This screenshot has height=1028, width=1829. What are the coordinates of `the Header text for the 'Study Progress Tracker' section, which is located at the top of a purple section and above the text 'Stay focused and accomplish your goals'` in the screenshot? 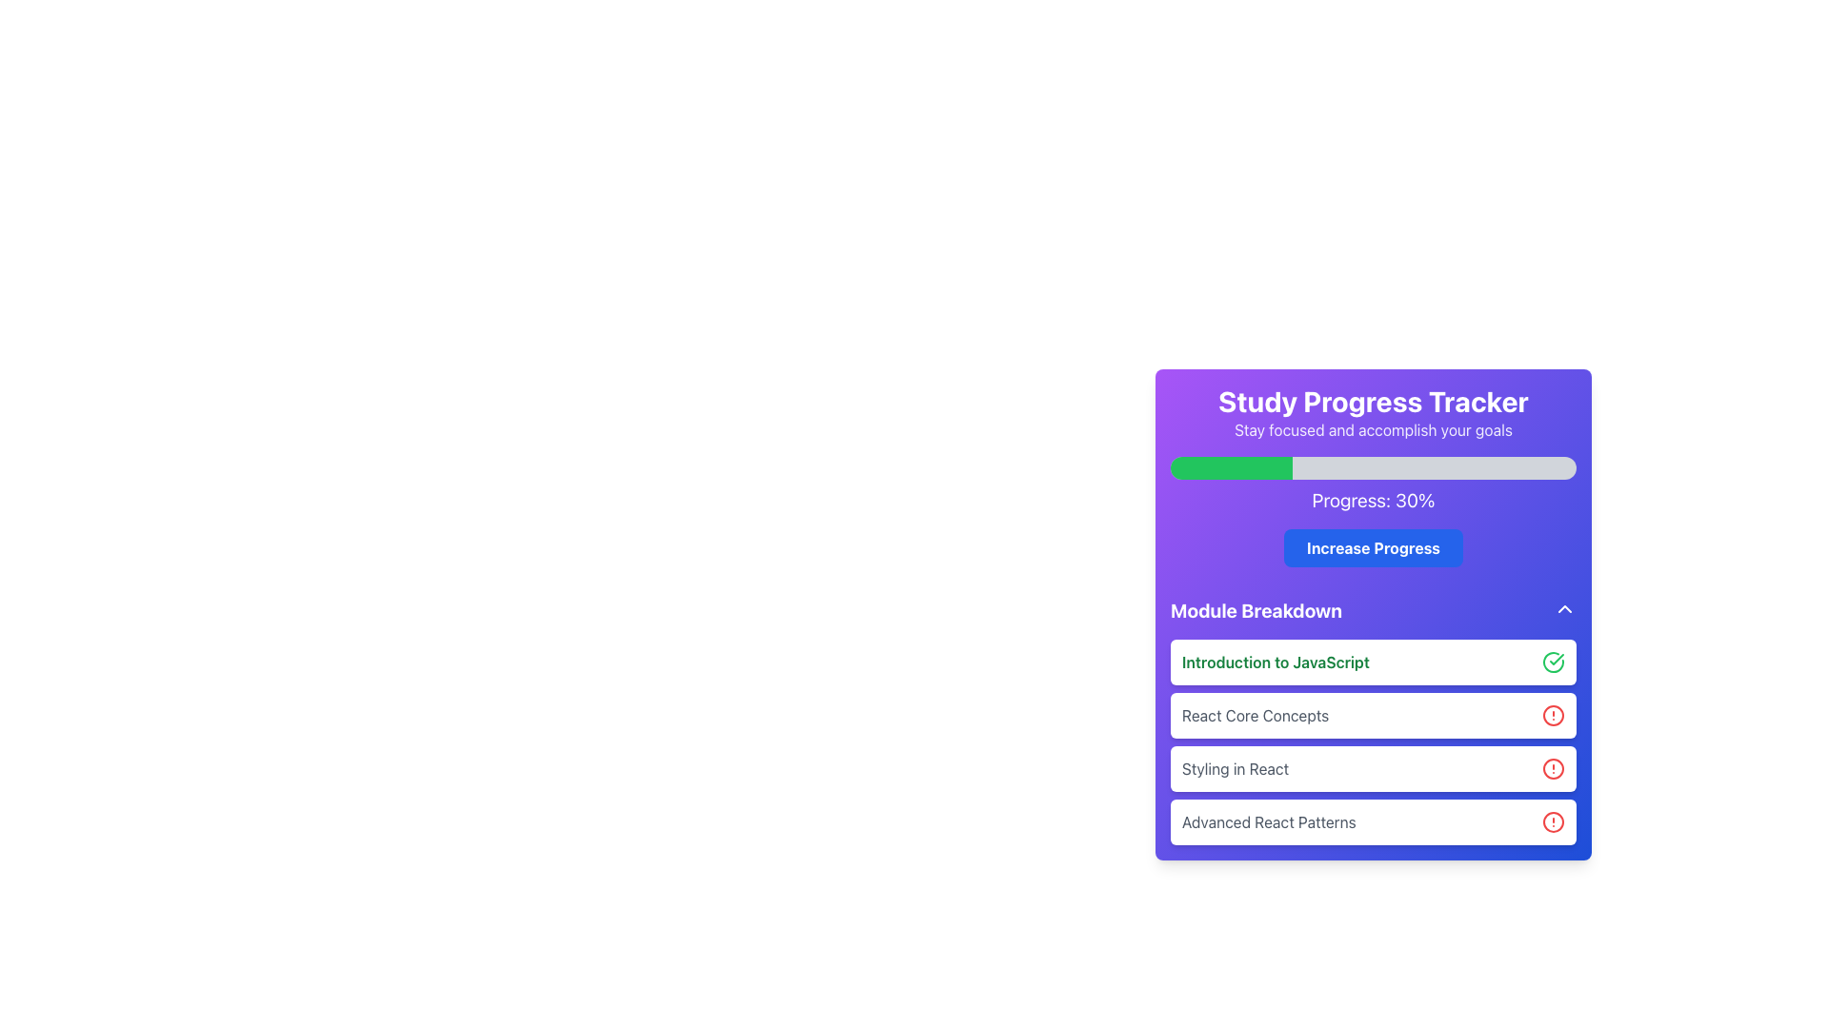 It's located at (1373, 400).